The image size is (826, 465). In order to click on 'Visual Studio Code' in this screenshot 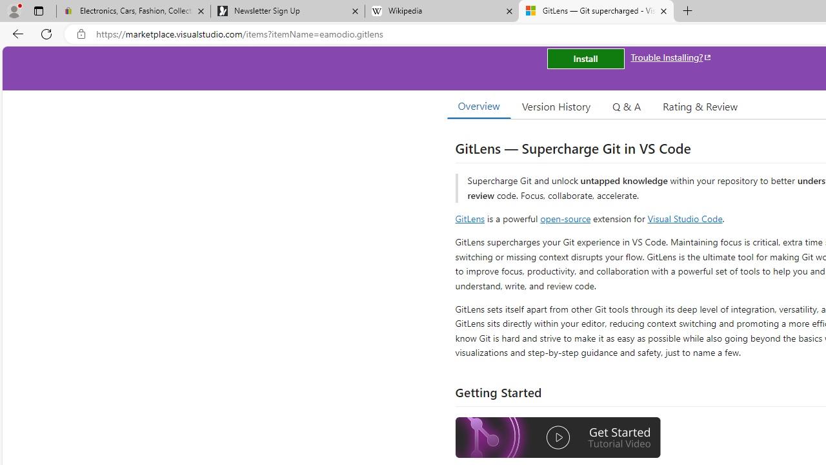, I will do `click(684, 218)`.